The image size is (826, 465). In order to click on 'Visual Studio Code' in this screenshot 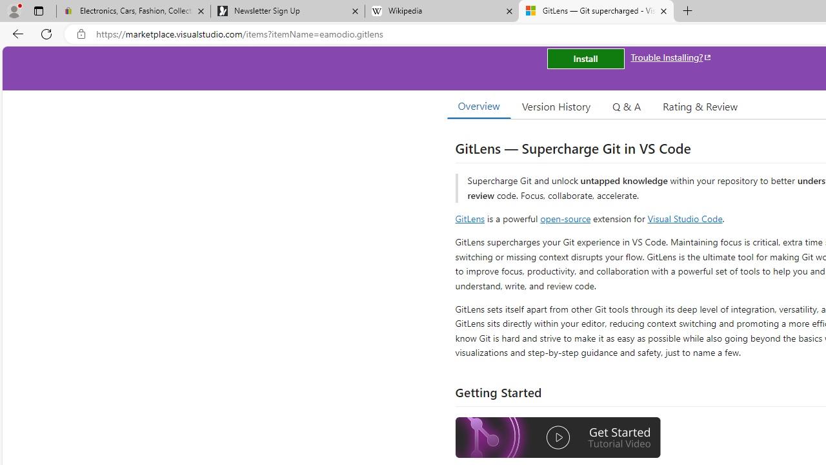, I will do `click(684, 218)`.